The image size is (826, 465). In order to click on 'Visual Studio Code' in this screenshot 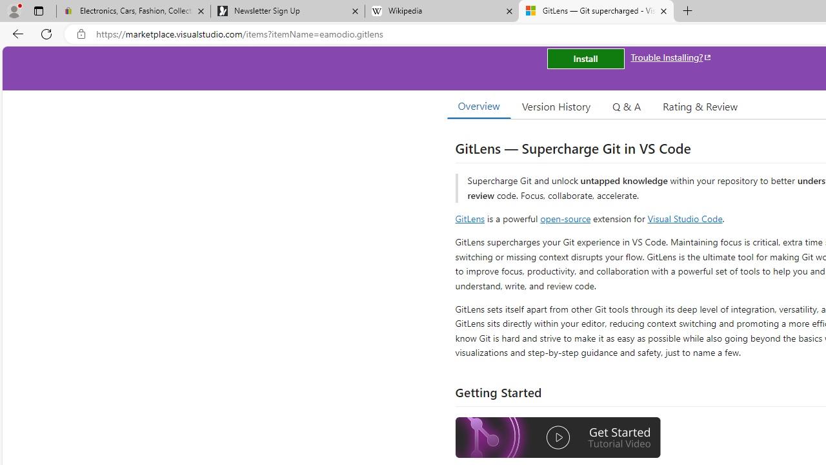, I will do `click(684, 218)`.